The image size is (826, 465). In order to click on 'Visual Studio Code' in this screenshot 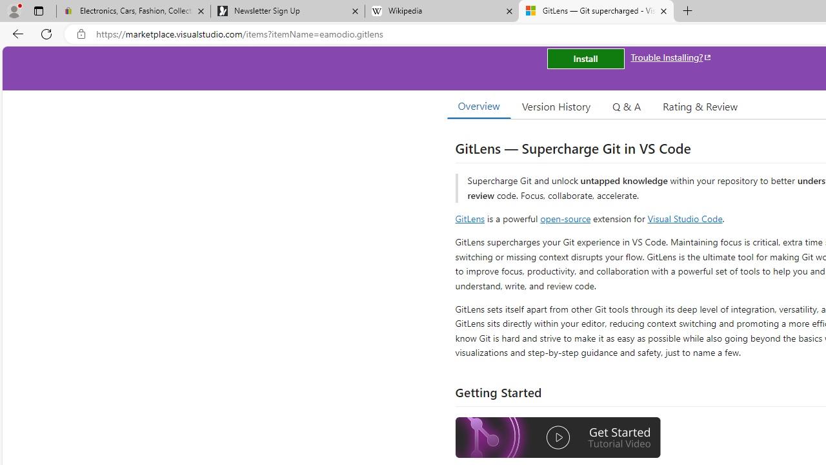, I will do `click(684, 218)`.